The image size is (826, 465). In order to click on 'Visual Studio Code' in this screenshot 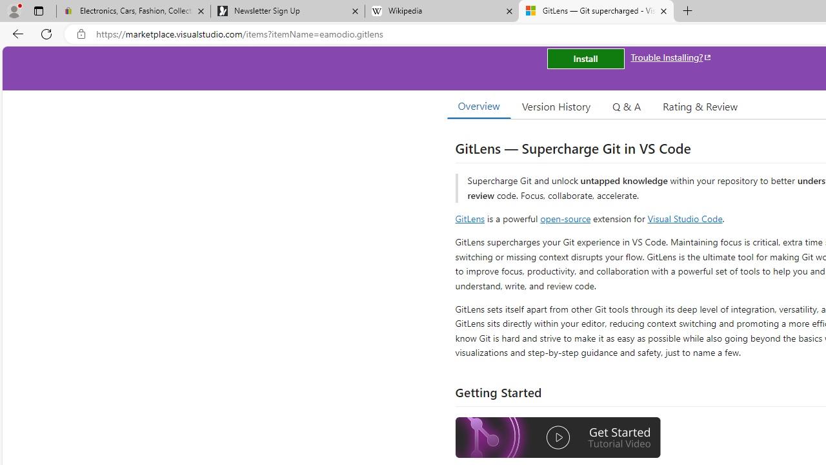, I will do `click(684, 218)`.